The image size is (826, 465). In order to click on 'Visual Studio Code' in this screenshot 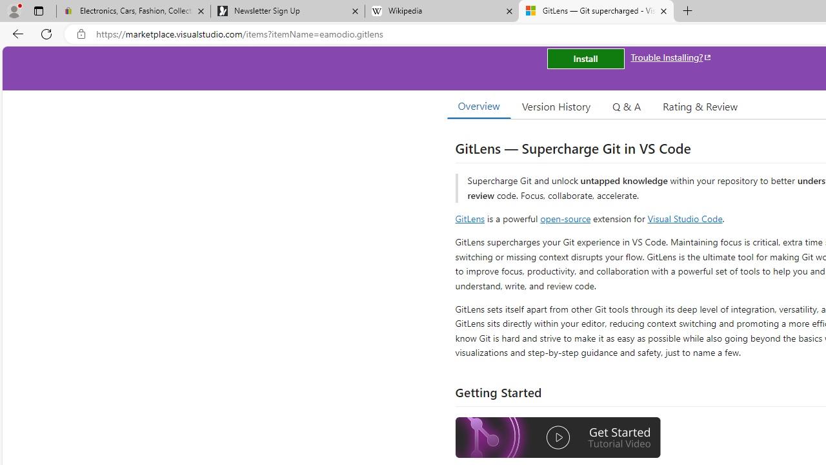, I will do `click(684, 218)`.